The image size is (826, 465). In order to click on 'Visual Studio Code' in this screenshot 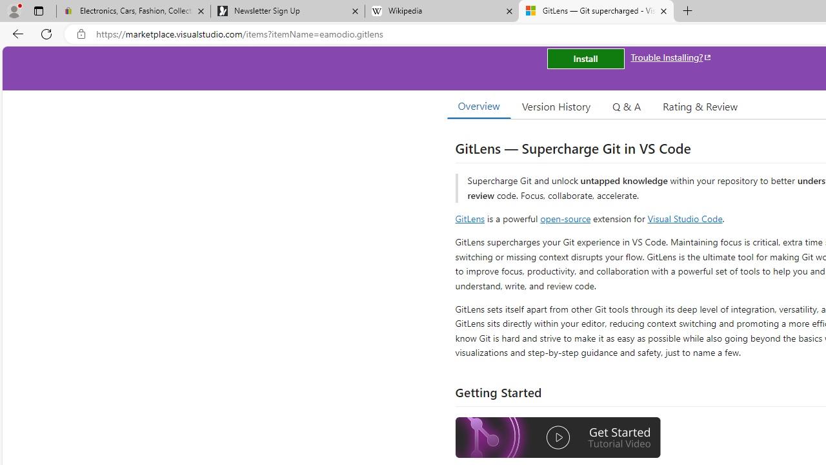, I will do `click(684, 218)`.